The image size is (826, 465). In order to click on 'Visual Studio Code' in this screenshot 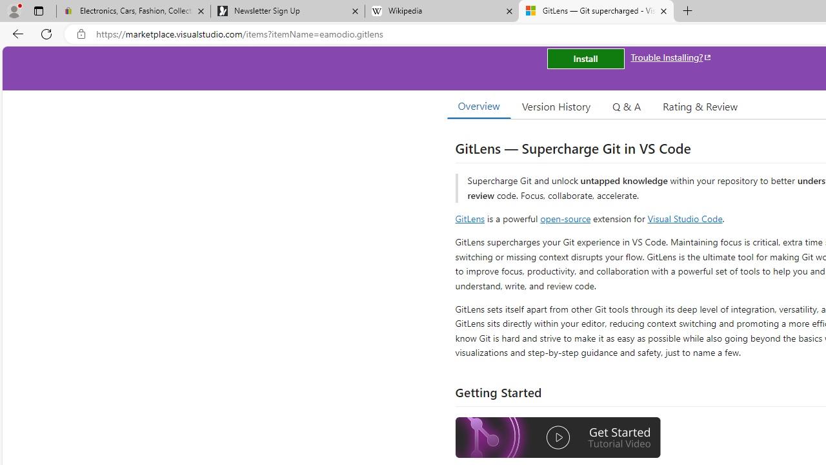, I will do `click(684, 218)`.